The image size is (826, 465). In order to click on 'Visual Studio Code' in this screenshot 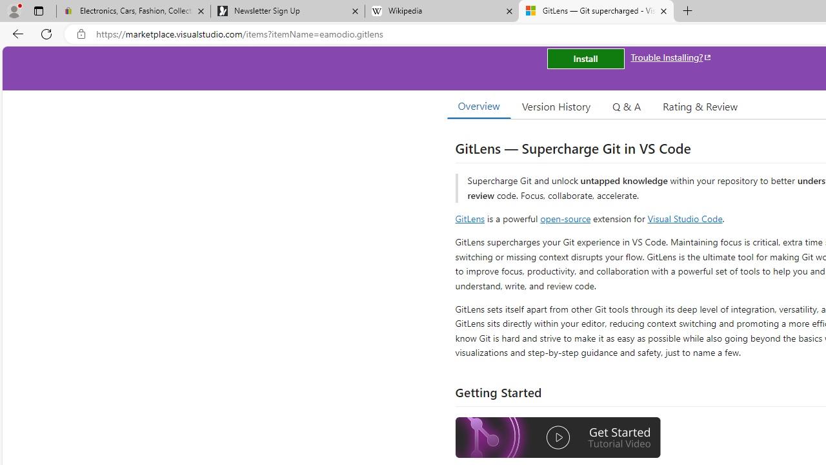, I will do `click(684, 218)`.